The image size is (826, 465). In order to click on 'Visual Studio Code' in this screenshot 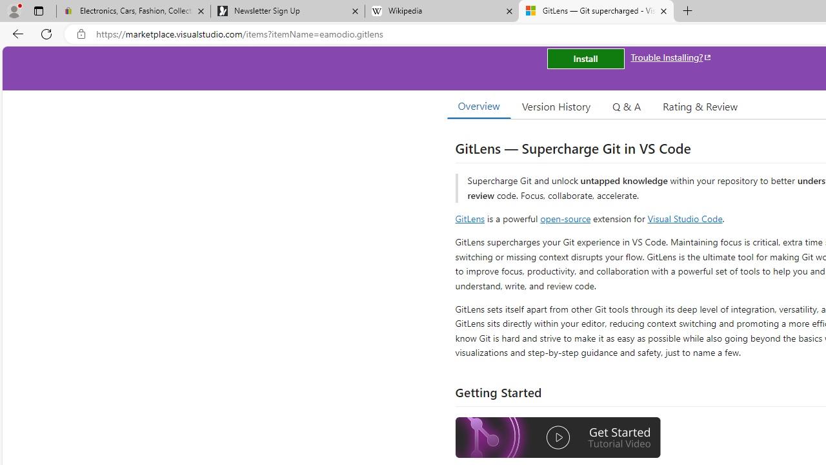, I will do `click(684, 218)`.